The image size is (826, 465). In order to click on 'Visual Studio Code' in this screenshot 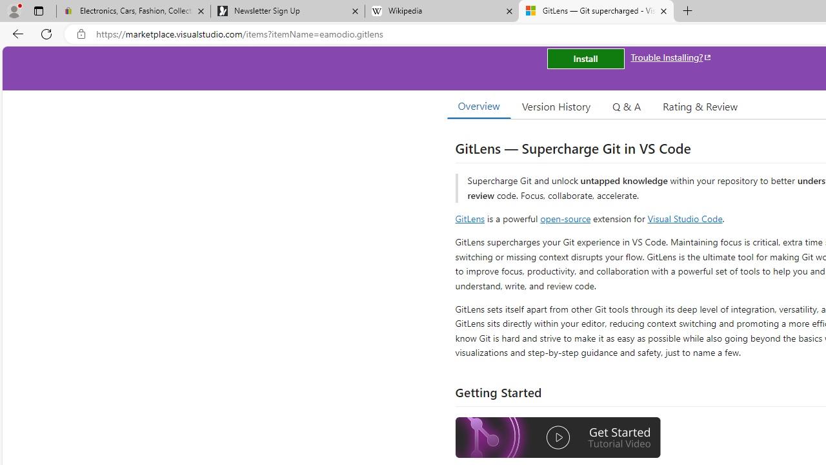, I will do `click(684, 218)`.